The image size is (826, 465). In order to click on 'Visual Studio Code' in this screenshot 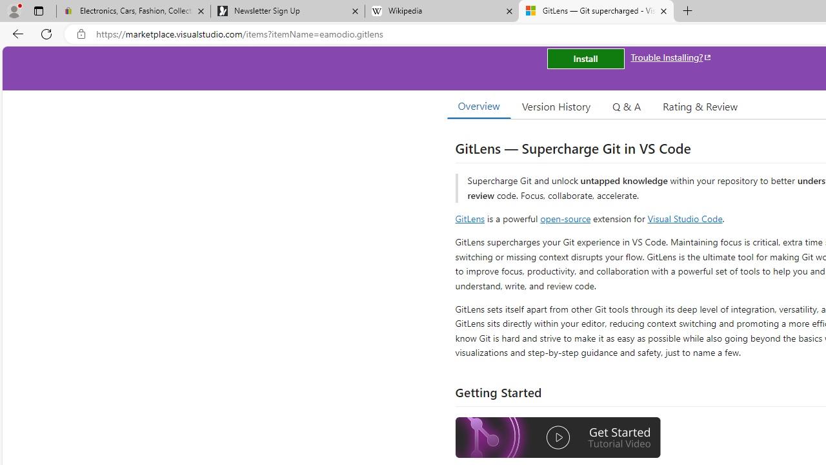, I will do `click(684, 218)`.